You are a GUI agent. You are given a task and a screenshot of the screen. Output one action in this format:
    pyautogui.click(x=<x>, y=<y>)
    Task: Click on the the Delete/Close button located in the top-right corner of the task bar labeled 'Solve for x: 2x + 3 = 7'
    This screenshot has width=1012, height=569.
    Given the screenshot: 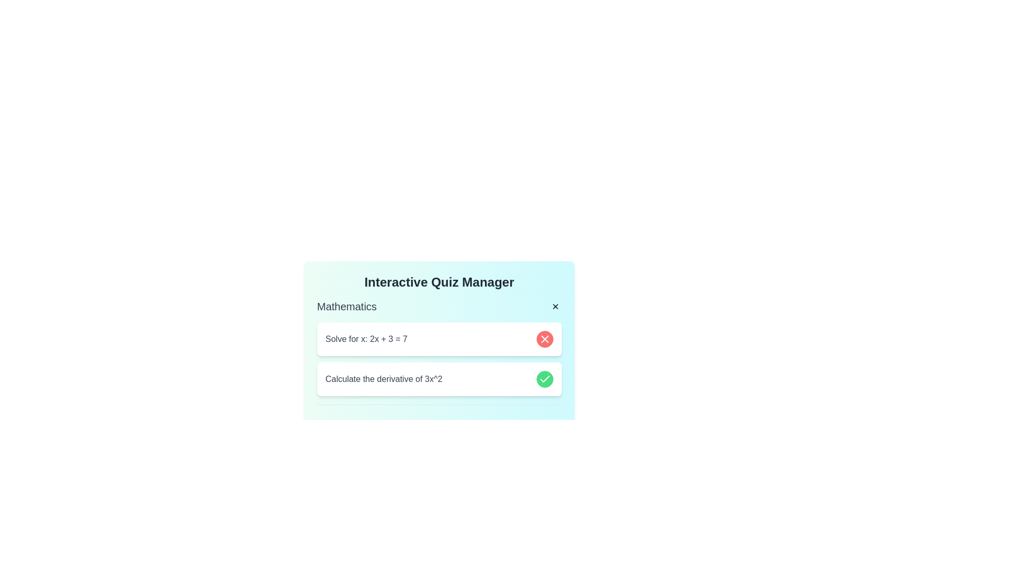 What is the action you would take?
    pyautogui.click(x=544, y=339)
    